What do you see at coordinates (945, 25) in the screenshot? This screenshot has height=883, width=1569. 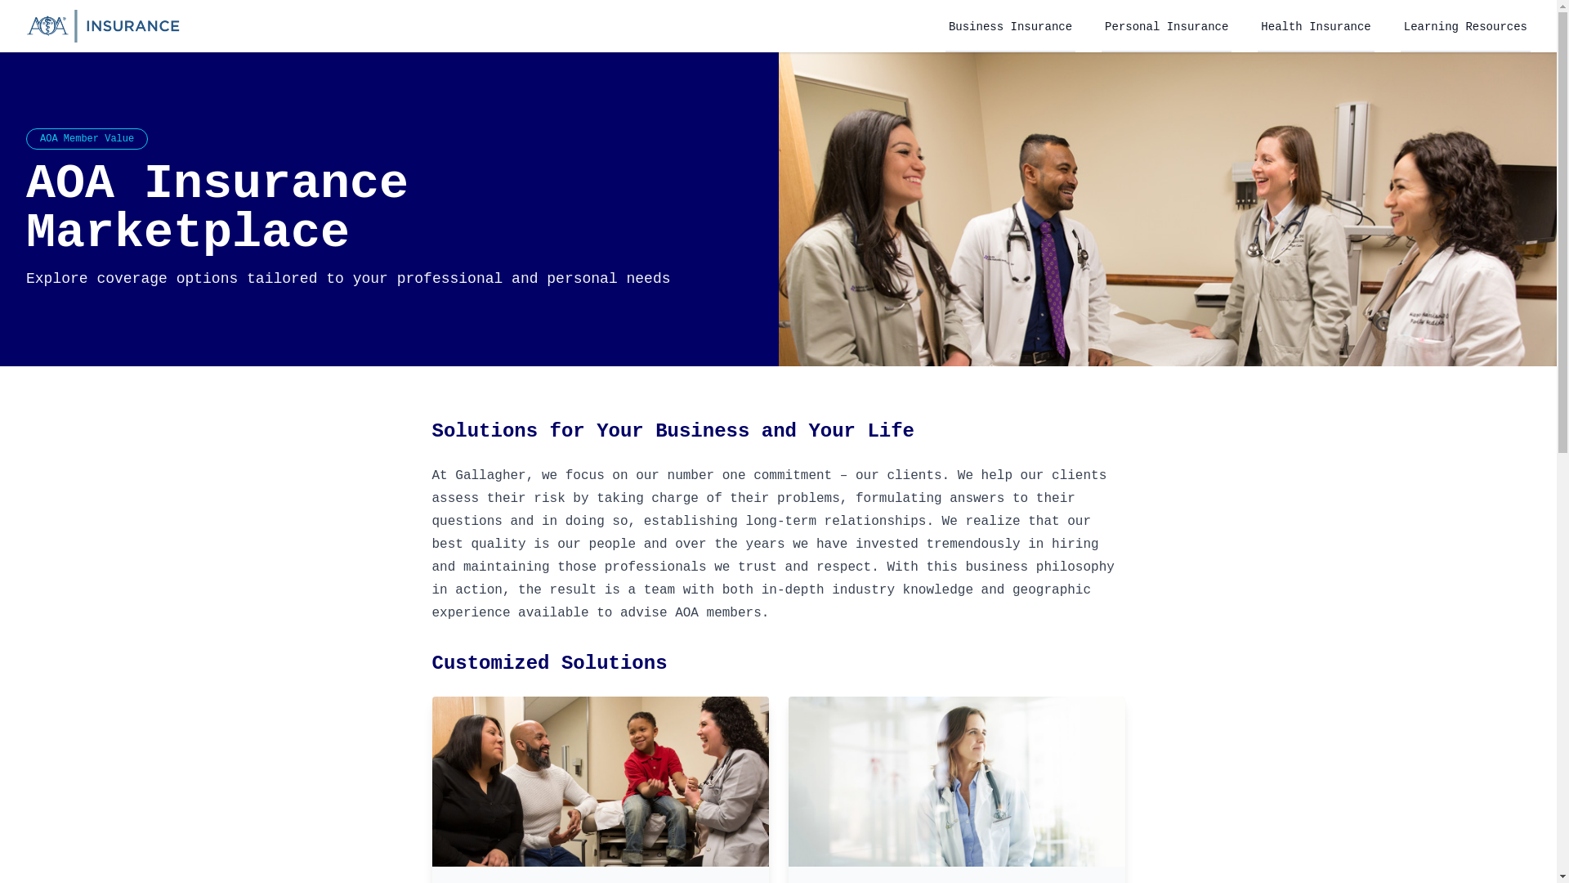 I see `'Business Insurance'` at bounding box center [945, 25].